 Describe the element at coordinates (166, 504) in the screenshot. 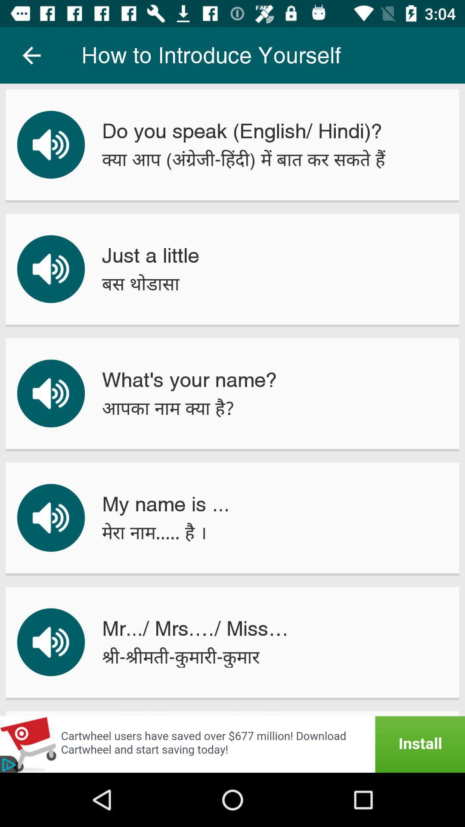

I see `my name is ... item` at that location.